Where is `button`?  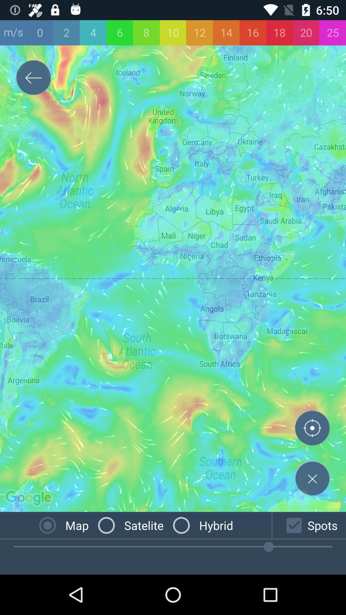
button is located at coordinates (312, 478).